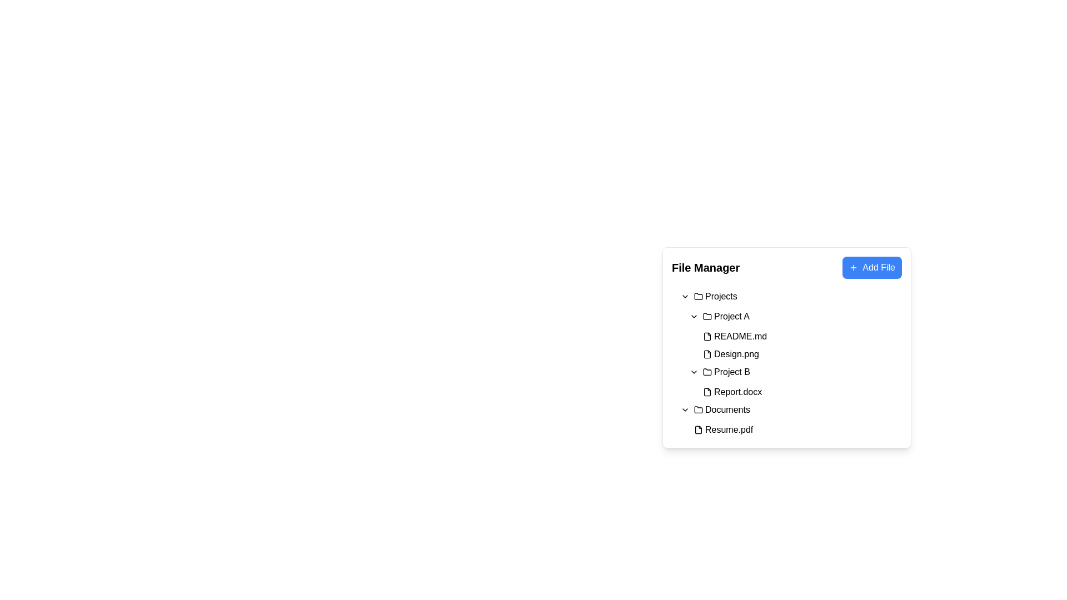  I want to click on the highlighted text 'Project B', so click(726, 372).